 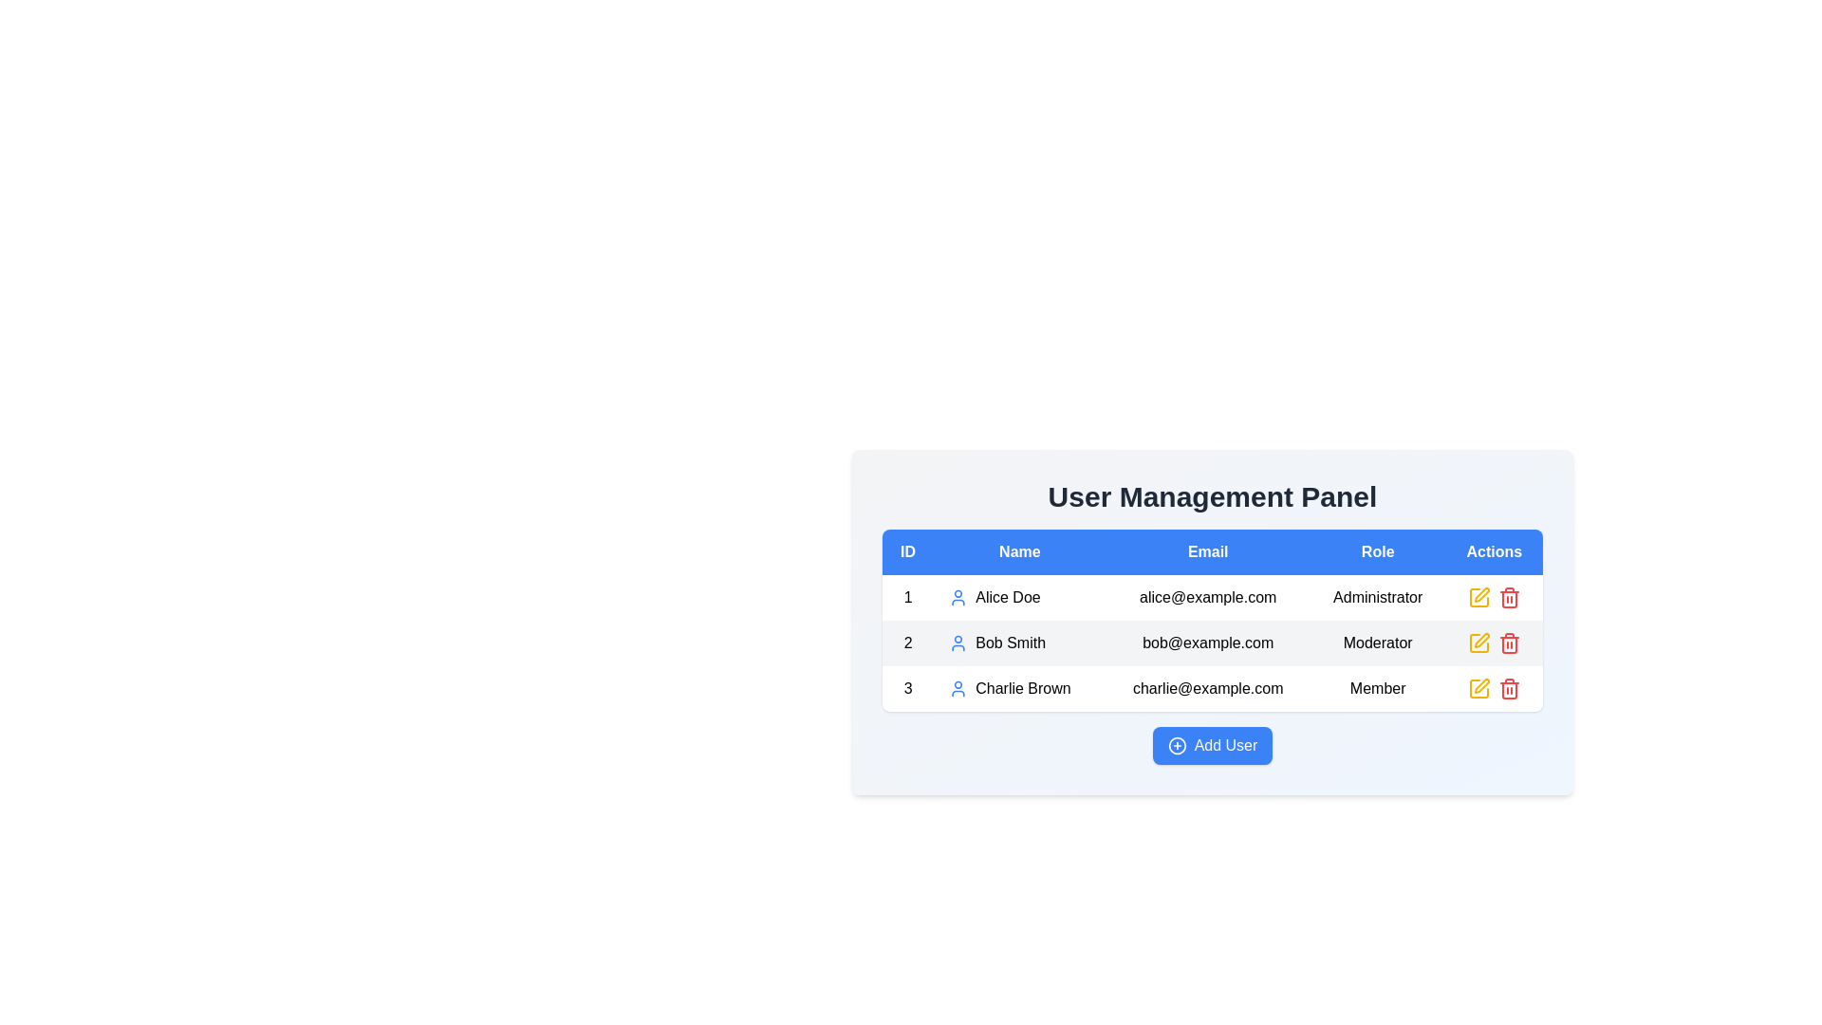 I want to click on the edit button for user 'Bob Smith', so click(x=1478, y=643).